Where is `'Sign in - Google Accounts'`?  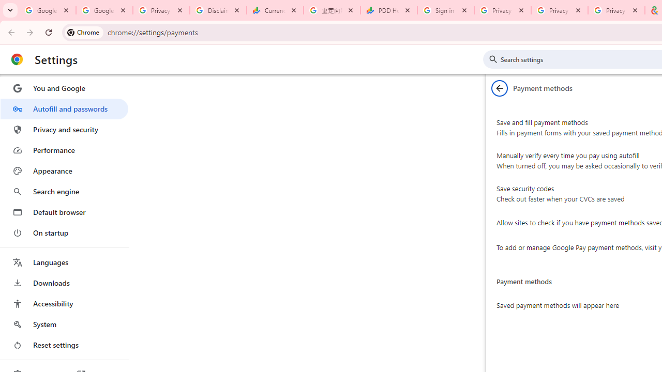 'Sign in - Google Accounts' is located at coordinates (445, 10).